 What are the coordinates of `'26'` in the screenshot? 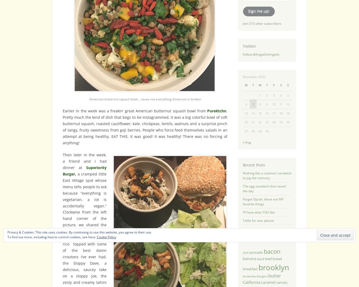 It's located at (288, 122).